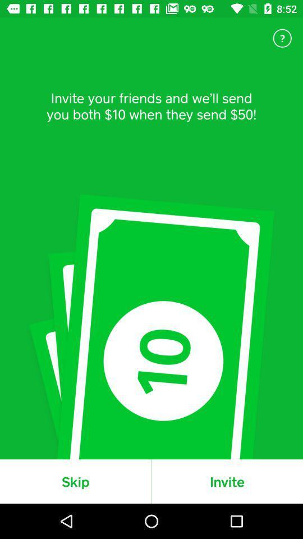 This screenshot has height=539, width=303. I want to click on item at the top right corner, so click(282, 38).